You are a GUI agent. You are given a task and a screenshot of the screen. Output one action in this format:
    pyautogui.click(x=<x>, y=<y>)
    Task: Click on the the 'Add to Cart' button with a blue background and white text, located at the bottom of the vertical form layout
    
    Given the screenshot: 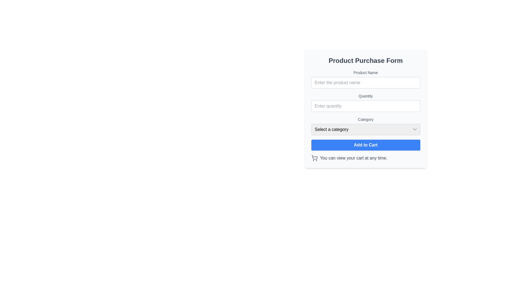 What is the action you would take?
    pyautogui.click(x=366, y=145)
    